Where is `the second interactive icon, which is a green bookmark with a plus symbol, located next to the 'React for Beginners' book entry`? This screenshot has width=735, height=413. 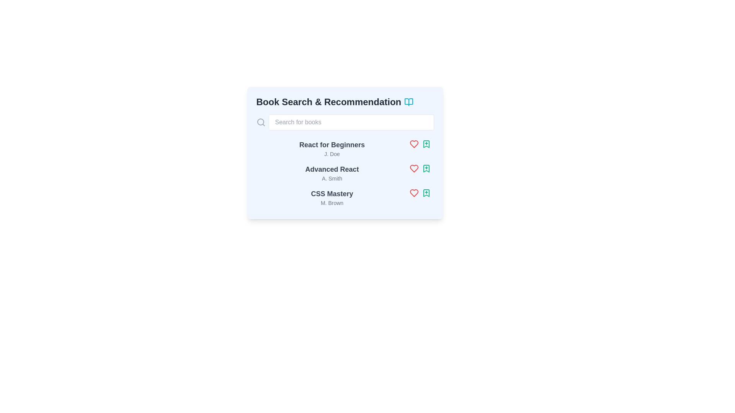
the second interactive icon, which is a green bookmark with a plus symbol, located next to the 'React for Beginners' book entry is located at coordinates (426, 144).